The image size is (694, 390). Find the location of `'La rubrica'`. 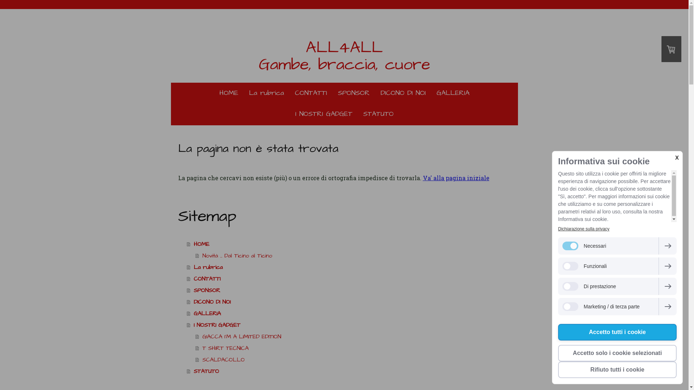

'La rubrica' is located at coordinates (266, 92).